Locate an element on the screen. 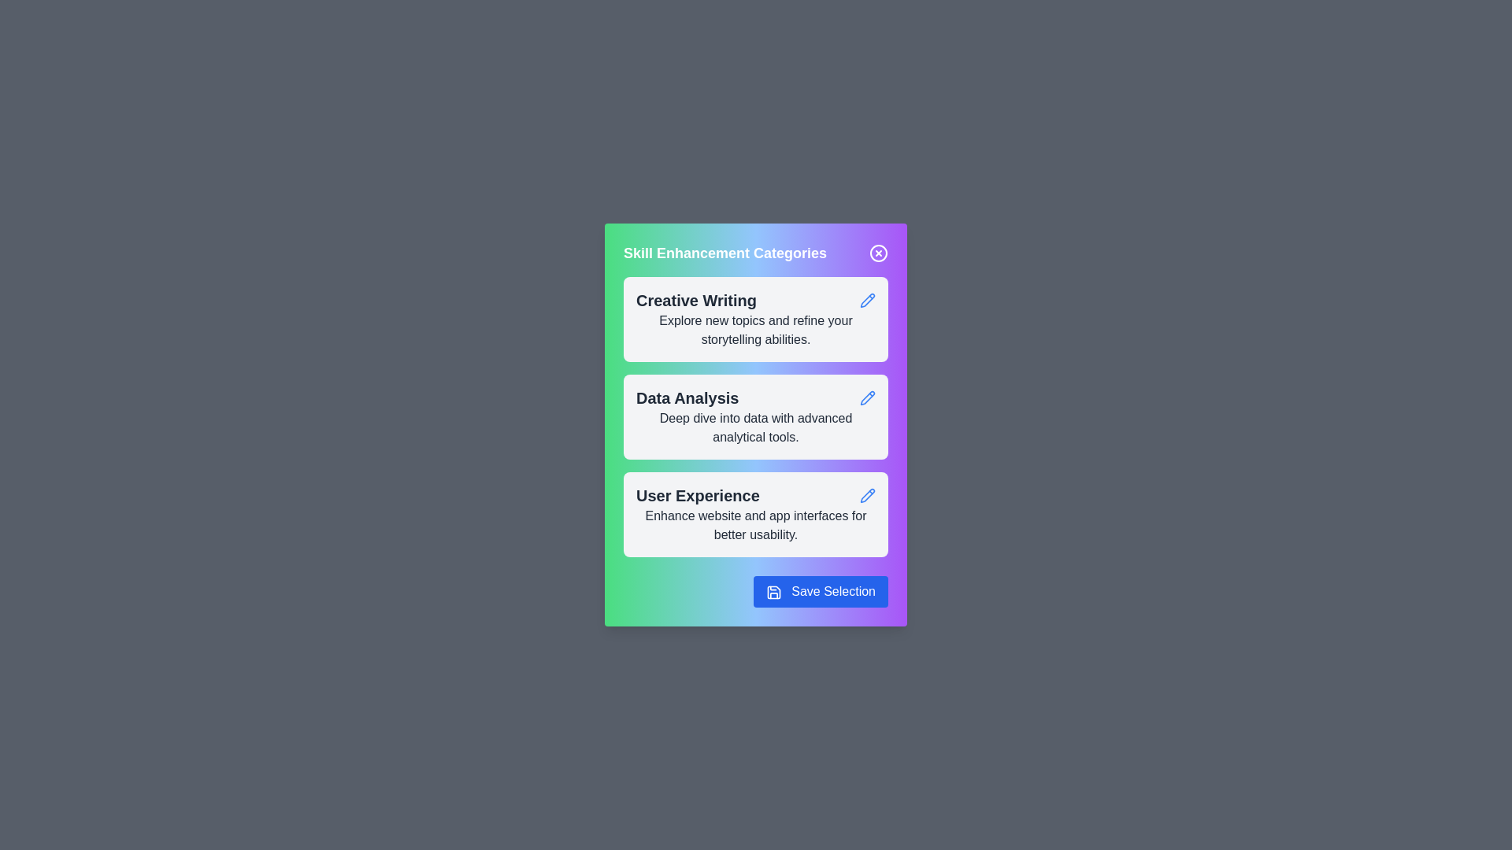 This screenshot has height=850, width=1512. the category by clicking on the pencil icon for Data Analysis is located at coordinates (867, 397).